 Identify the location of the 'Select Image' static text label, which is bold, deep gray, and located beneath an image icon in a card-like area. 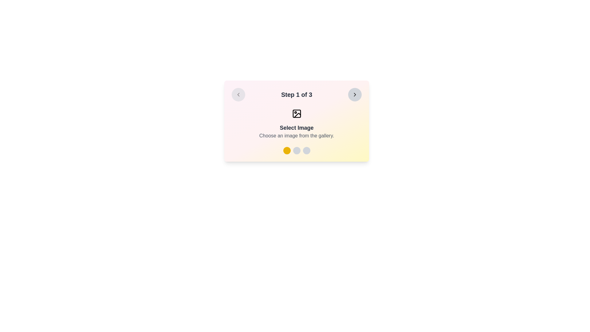
(297, 128).